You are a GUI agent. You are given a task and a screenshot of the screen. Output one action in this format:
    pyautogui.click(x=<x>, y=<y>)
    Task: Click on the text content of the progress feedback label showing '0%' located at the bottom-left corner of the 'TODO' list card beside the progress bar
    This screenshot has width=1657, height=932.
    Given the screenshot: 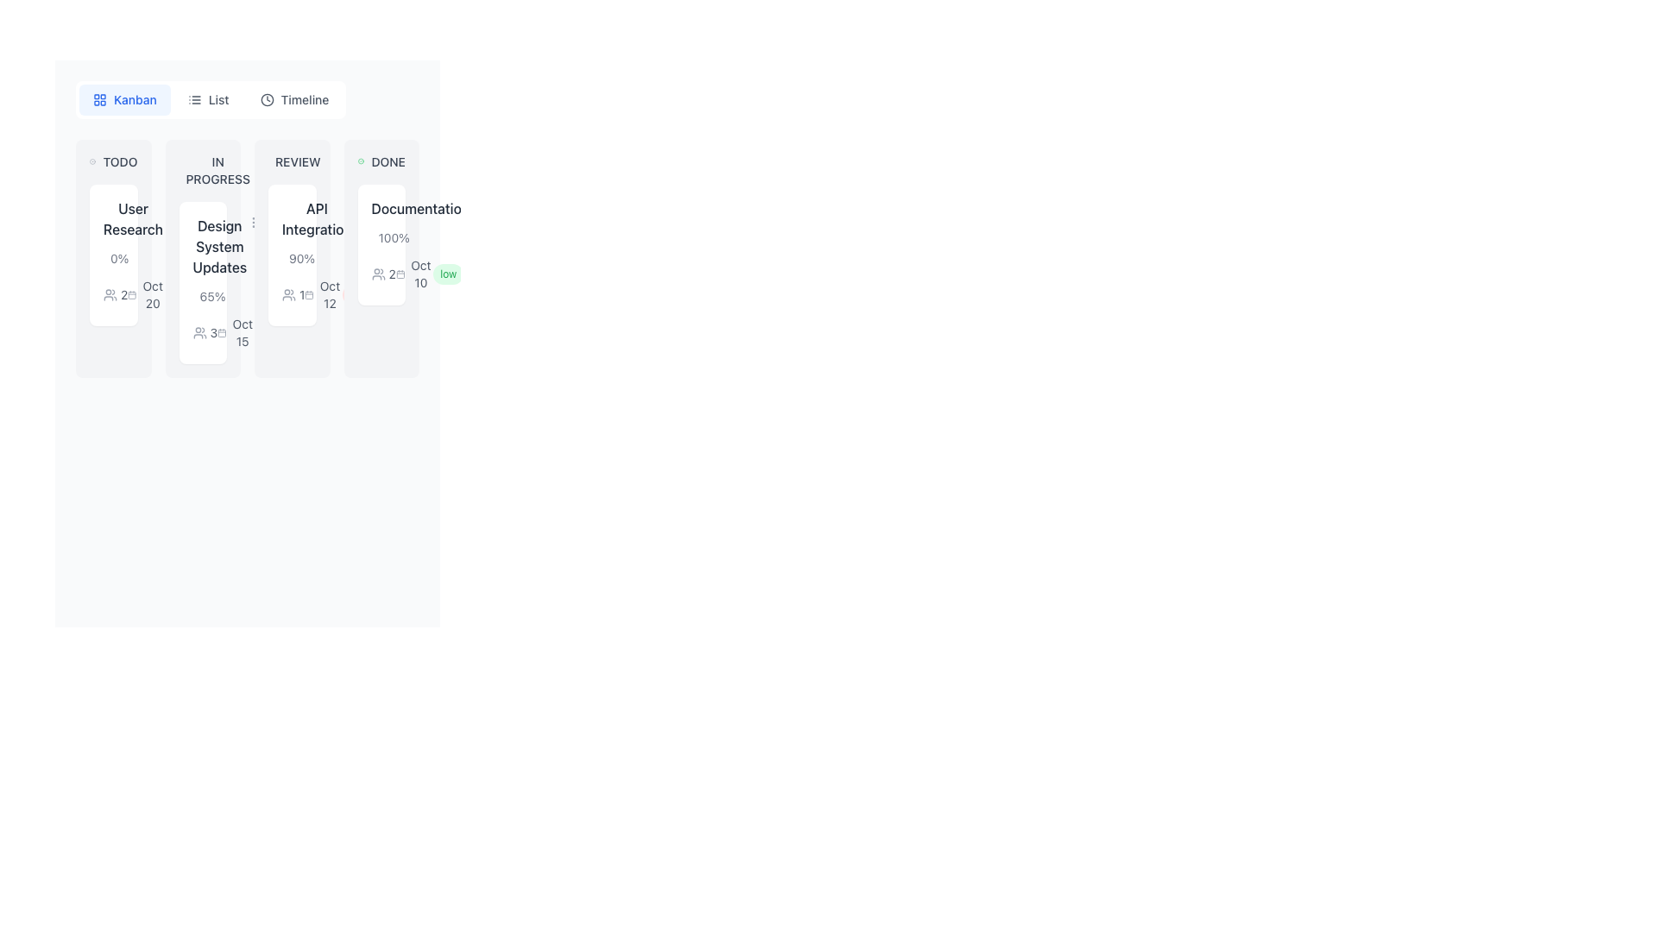 What is the action you would take?
    pyautogui.click(x=118, y=259)
    